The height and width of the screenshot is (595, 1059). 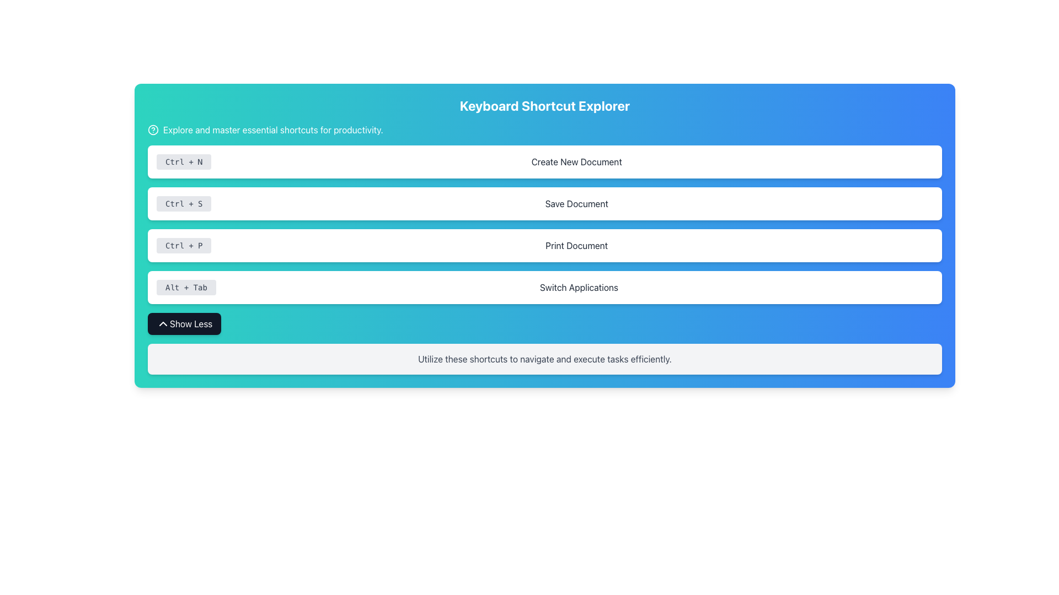 What do you see at coordinates (545, 359) in the screenshot?
I see `the static text element displaying 'Utilize these shortcuts to navigate and execute tasks efficiently.' which is styled with dark gray text on a light gray background` at bounding box center [545, 359].